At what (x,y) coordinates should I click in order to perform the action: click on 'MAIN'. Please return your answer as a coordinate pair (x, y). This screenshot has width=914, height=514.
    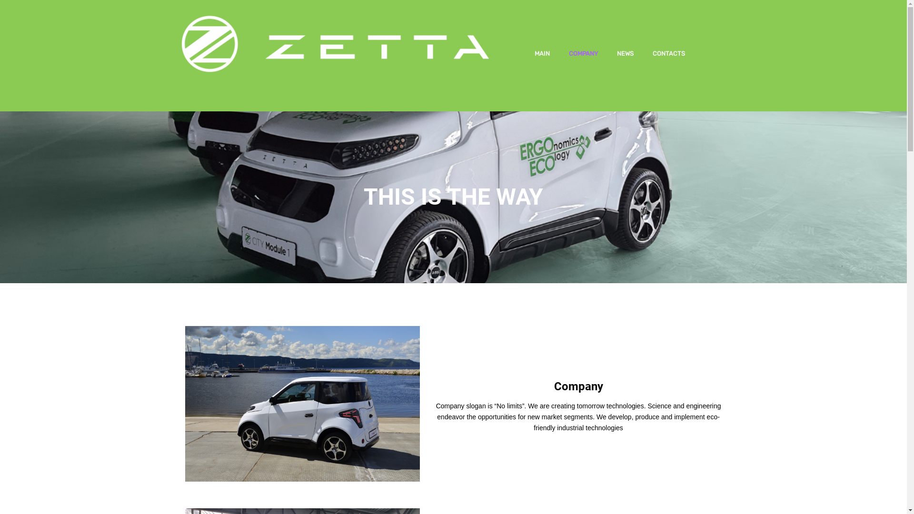
    Looking at the image, I should click on (542, 53).